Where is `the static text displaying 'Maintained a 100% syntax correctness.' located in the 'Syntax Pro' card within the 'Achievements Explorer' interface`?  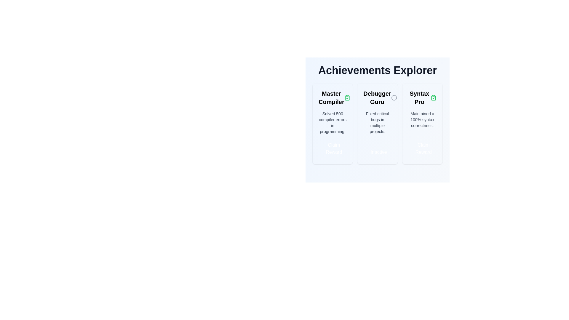
the static text displaying 'Maintained a 100% syntax correctness.' located in the 'Syntax Pro' card within the 'Achievements Explorer' interface is located at coordinates (422, 120).